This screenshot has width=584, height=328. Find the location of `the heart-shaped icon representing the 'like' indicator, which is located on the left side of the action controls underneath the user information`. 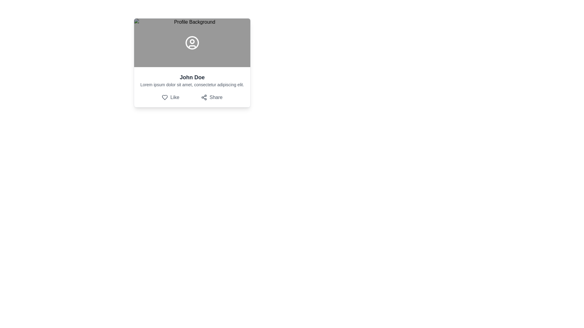

the heart-shaped icon representing the 'like' indicator, which is located on the left side of the action controls underneath the user information is located at coordinates (165, 97).